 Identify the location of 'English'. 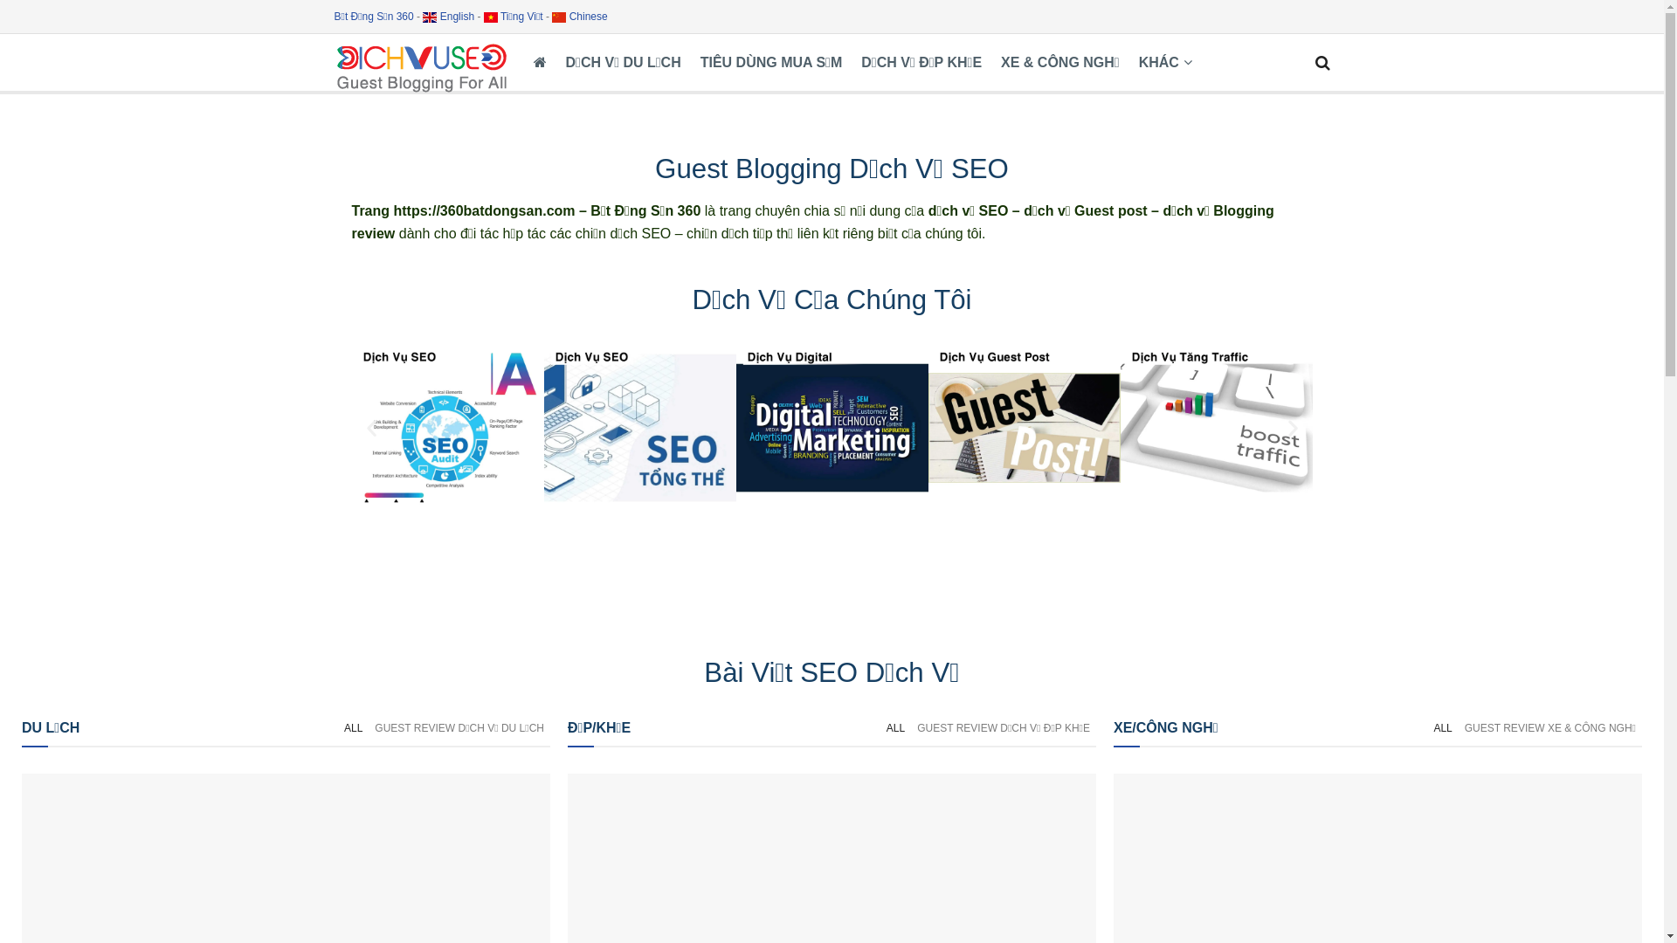
(448, 17).